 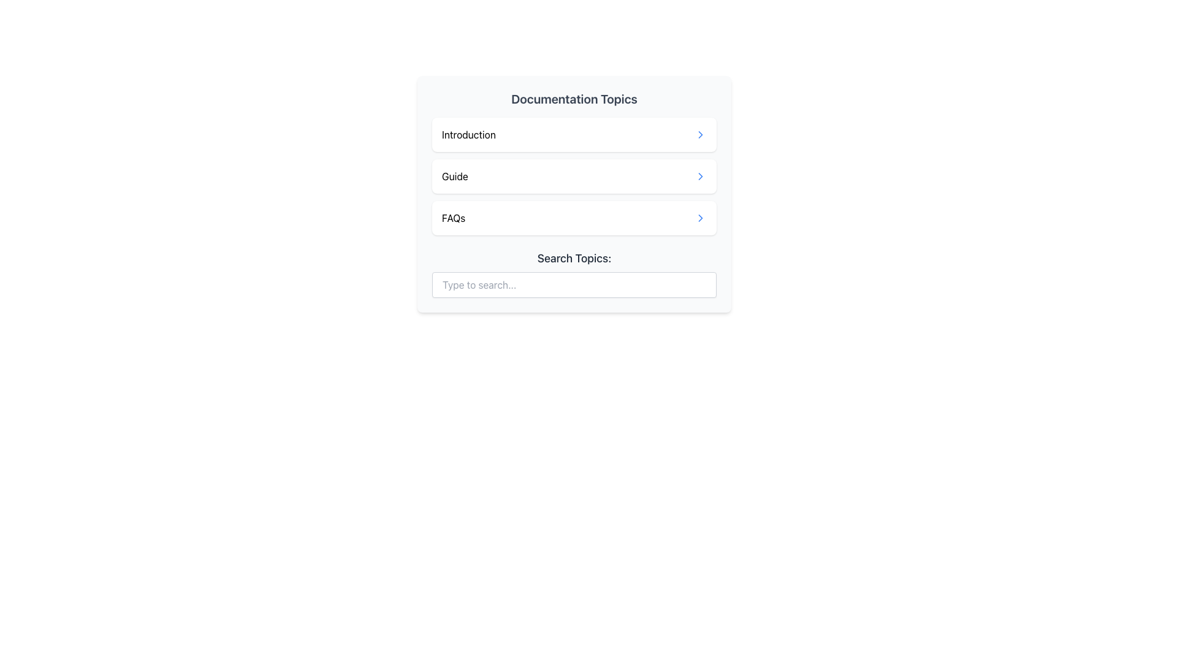 I want to click on the 'Introduction' link element, which is the first entry in a vertically stacked list with a white background and rounded corners, so click(x=573, y=134).